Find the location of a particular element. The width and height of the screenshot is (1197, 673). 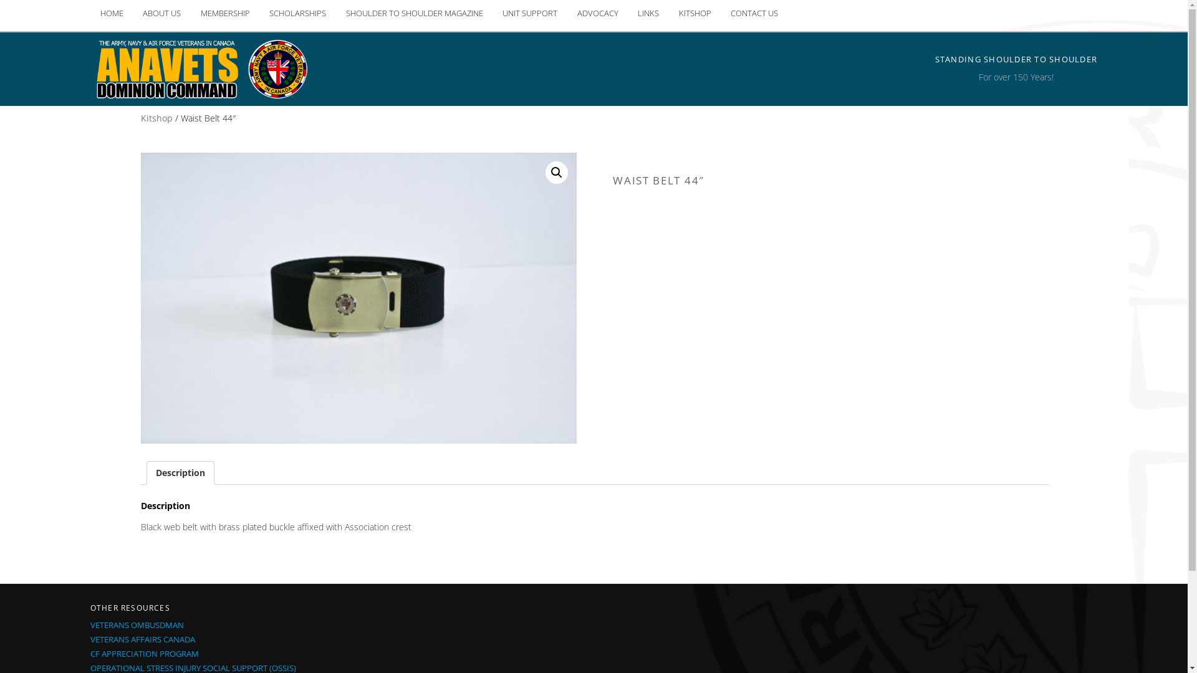

'VETERANS AFFAIRS CANADA' is located at coordinates (143, 639).